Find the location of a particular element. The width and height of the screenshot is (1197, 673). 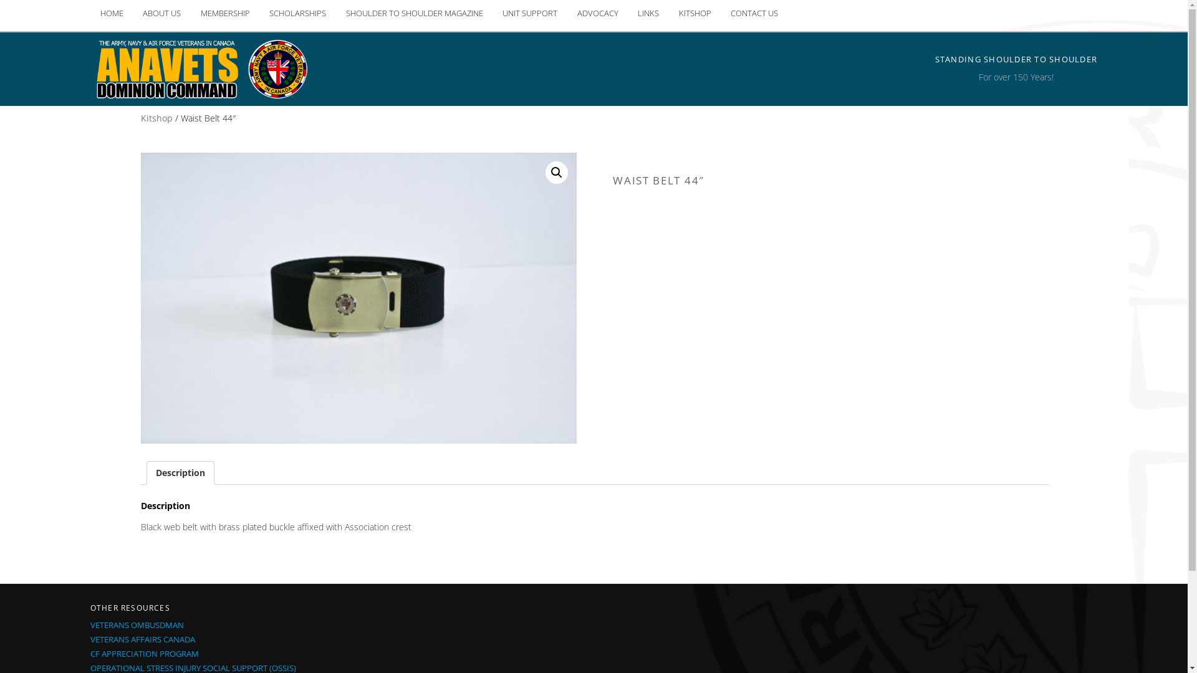

'VETERANS AFFAIRS CANADA' is located at coordinates (143, 639).